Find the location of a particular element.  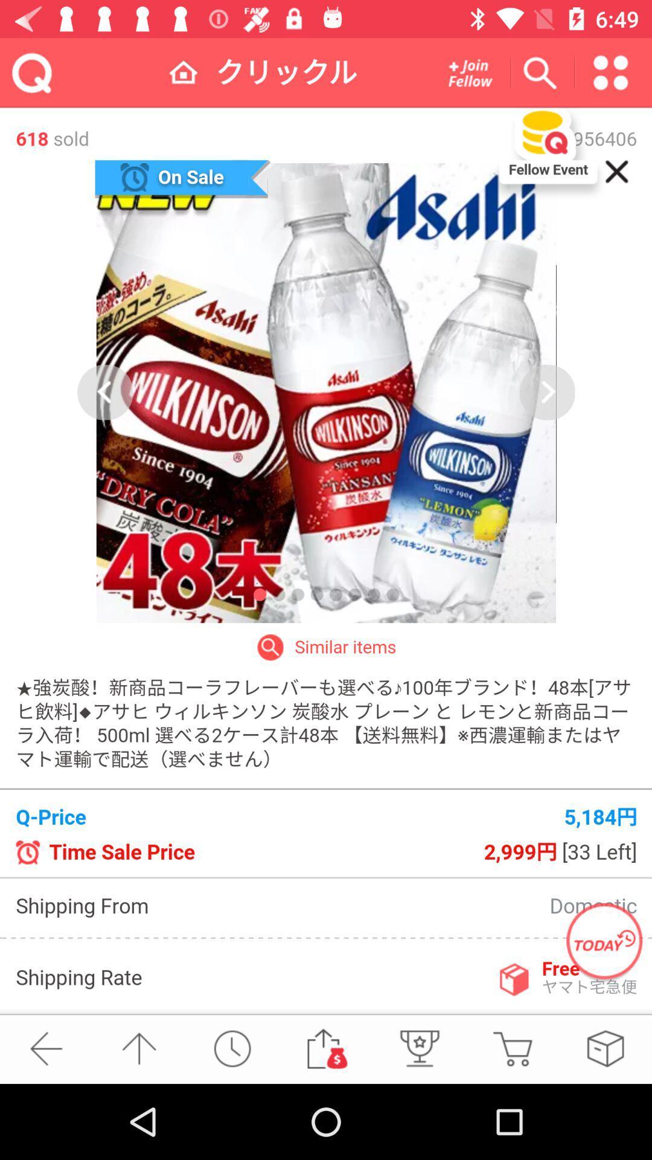

the arrow_upward icon is located at coordinates (138, 1048).